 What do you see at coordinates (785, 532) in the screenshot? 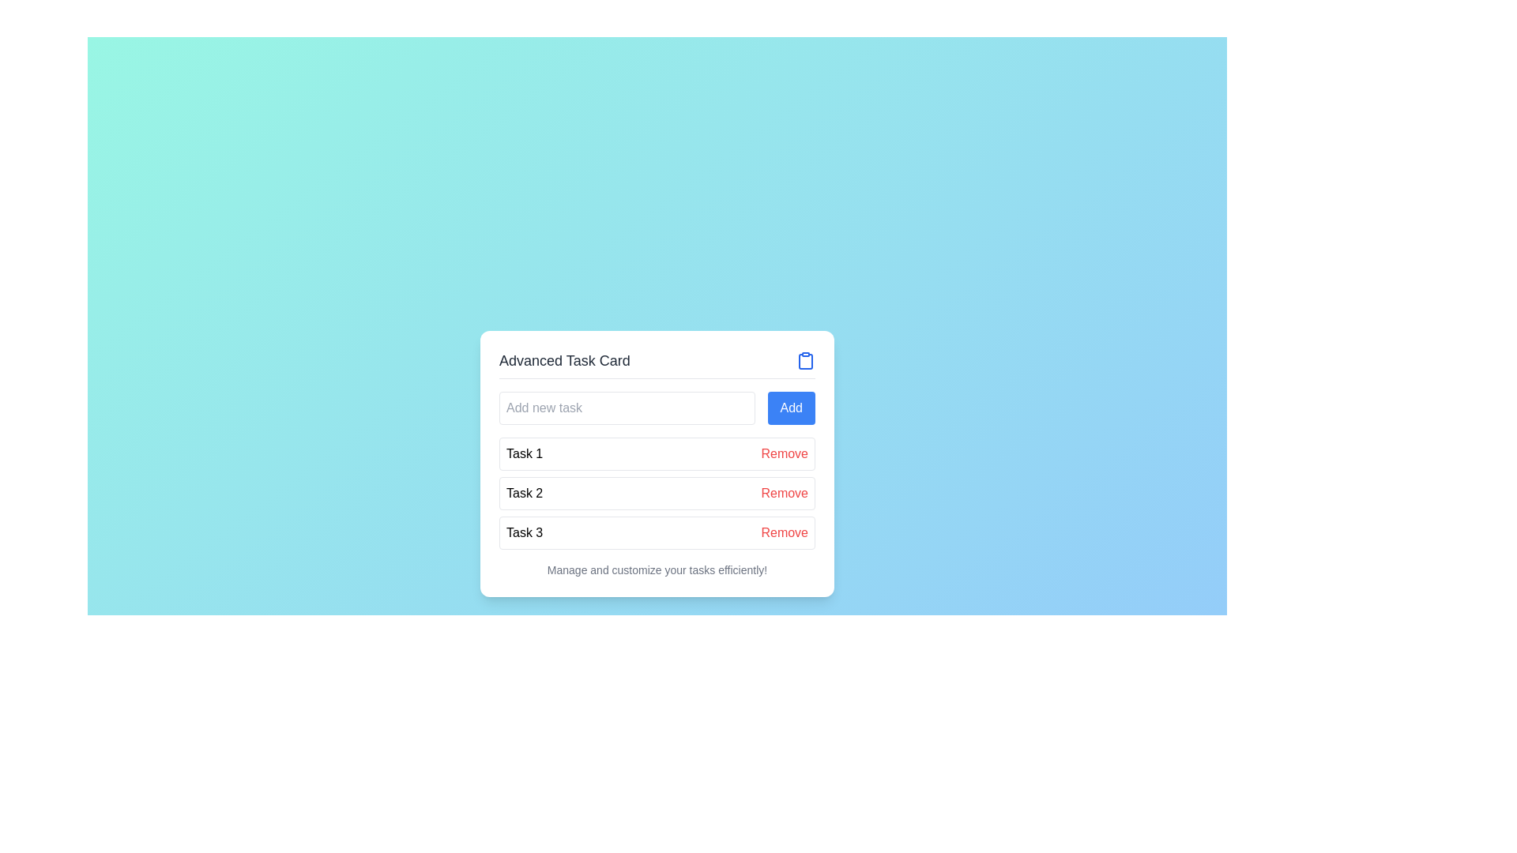
I see `the 'Remove' button, which is a red text button located to the right of the 'Task 3' label in the third row of the task list` at bounding box center [785, 532].